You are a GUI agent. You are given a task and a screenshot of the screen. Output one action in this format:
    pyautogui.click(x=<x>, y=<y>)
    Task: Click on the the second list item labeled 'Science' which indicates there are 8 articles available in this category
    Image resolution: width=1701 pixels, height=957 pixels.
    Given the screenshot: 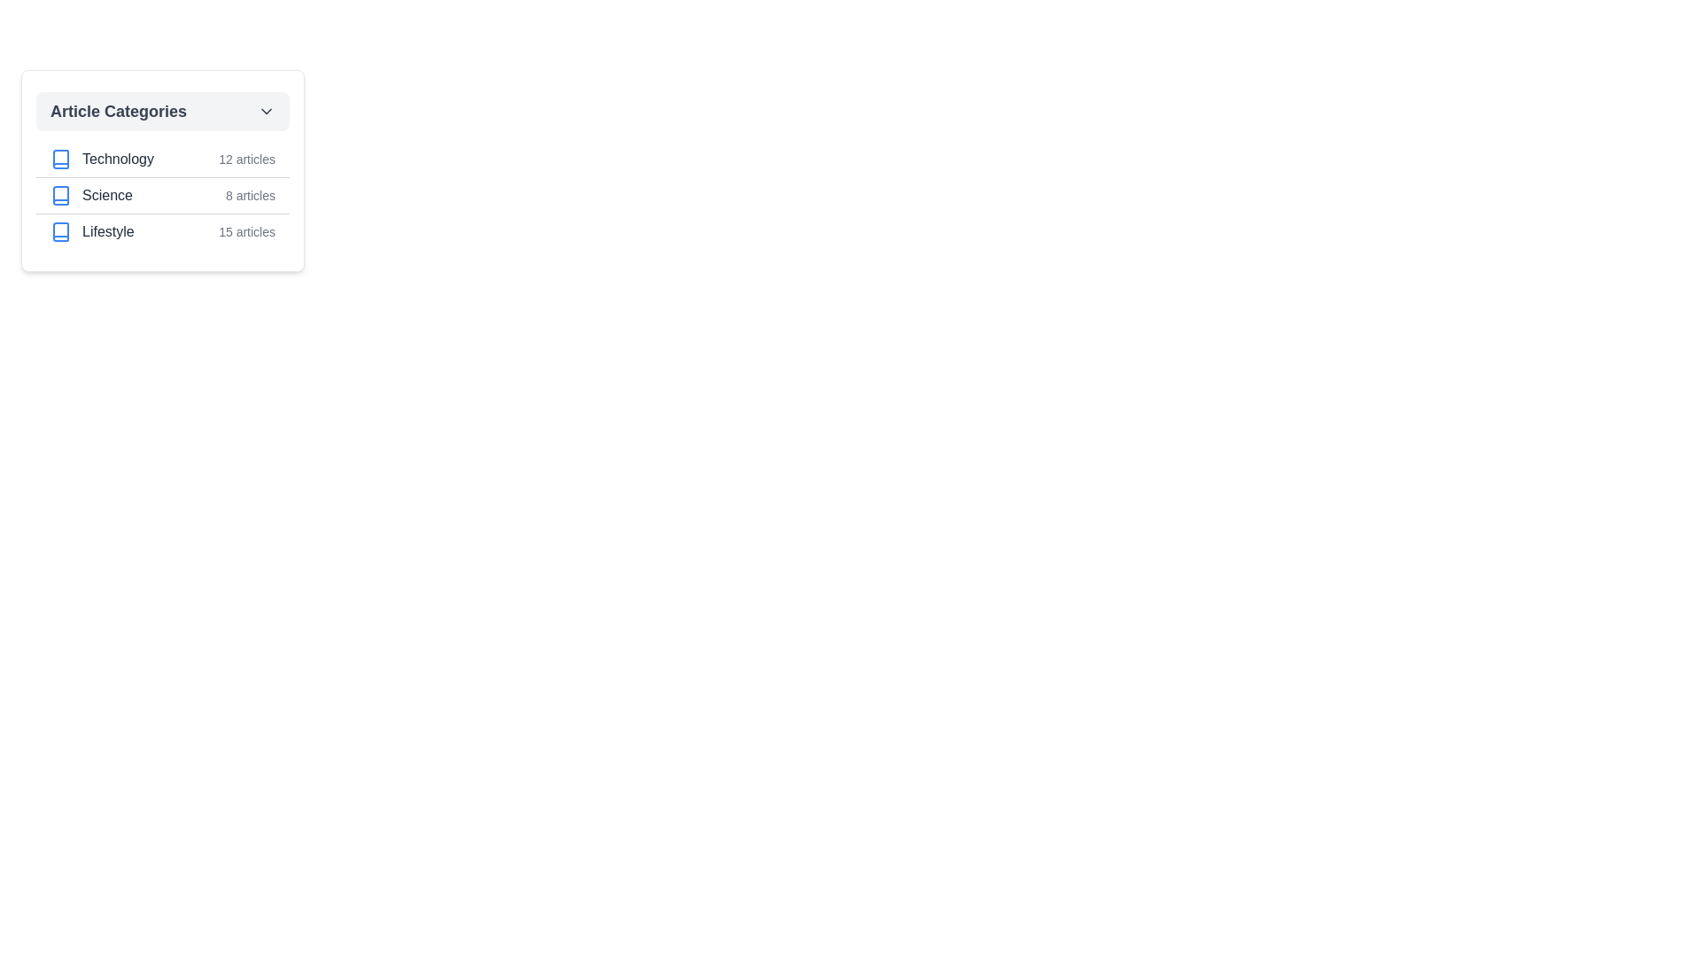 What is the action you would take?
    pyautogui.click(x=178, y=195)
    